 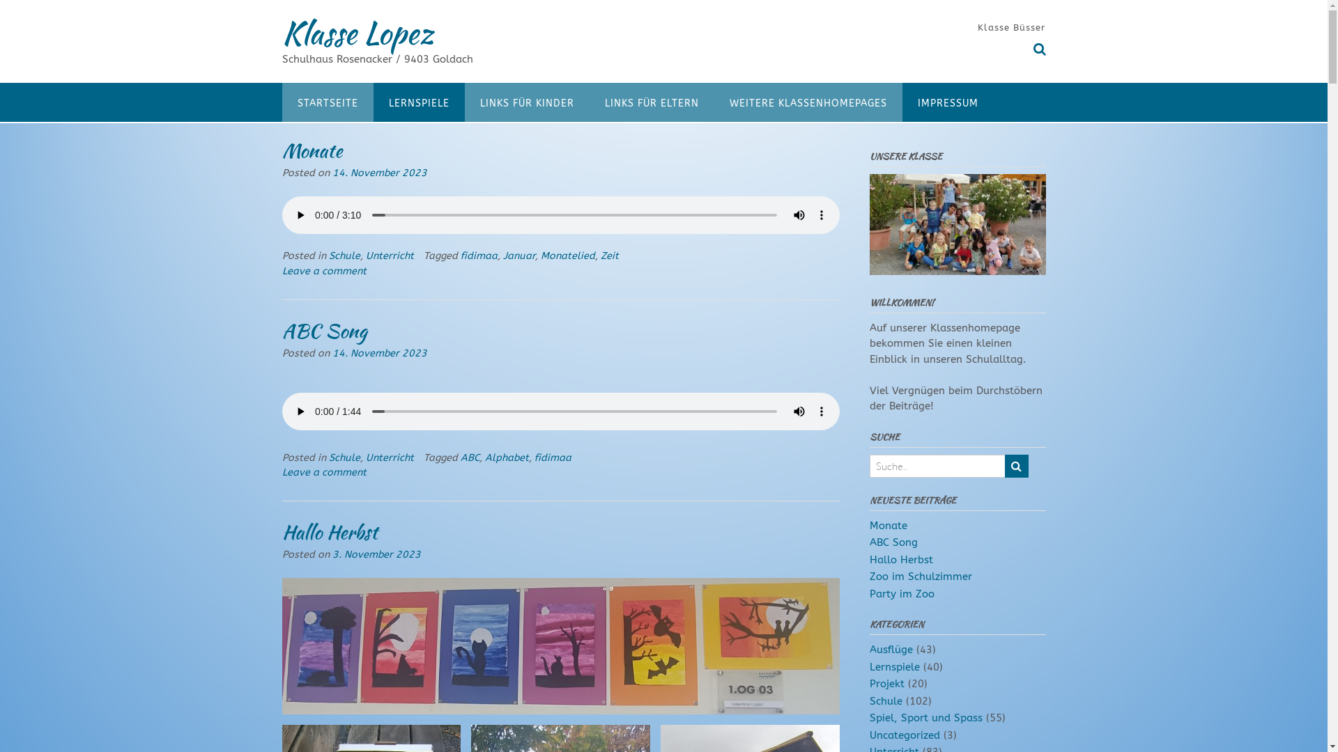 What do you see at coordinates (376, 554) in the screenshot?
I see `'3. November 2023'` at bounding box center [376, 554].